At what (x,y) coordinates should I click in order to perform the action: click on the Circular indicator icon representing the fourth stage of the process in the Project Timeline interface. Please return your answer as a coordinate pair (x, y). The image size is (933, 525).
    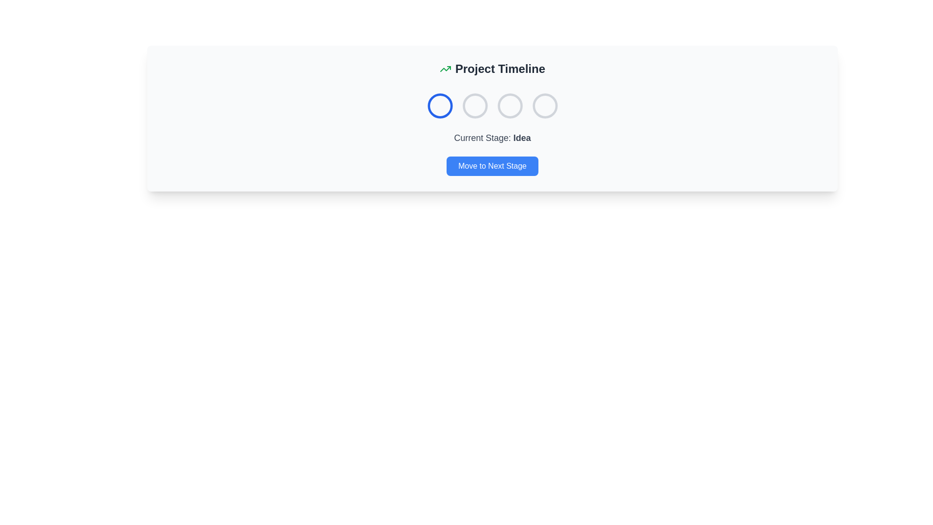
    Looking at the image, I should click on (545, 106).